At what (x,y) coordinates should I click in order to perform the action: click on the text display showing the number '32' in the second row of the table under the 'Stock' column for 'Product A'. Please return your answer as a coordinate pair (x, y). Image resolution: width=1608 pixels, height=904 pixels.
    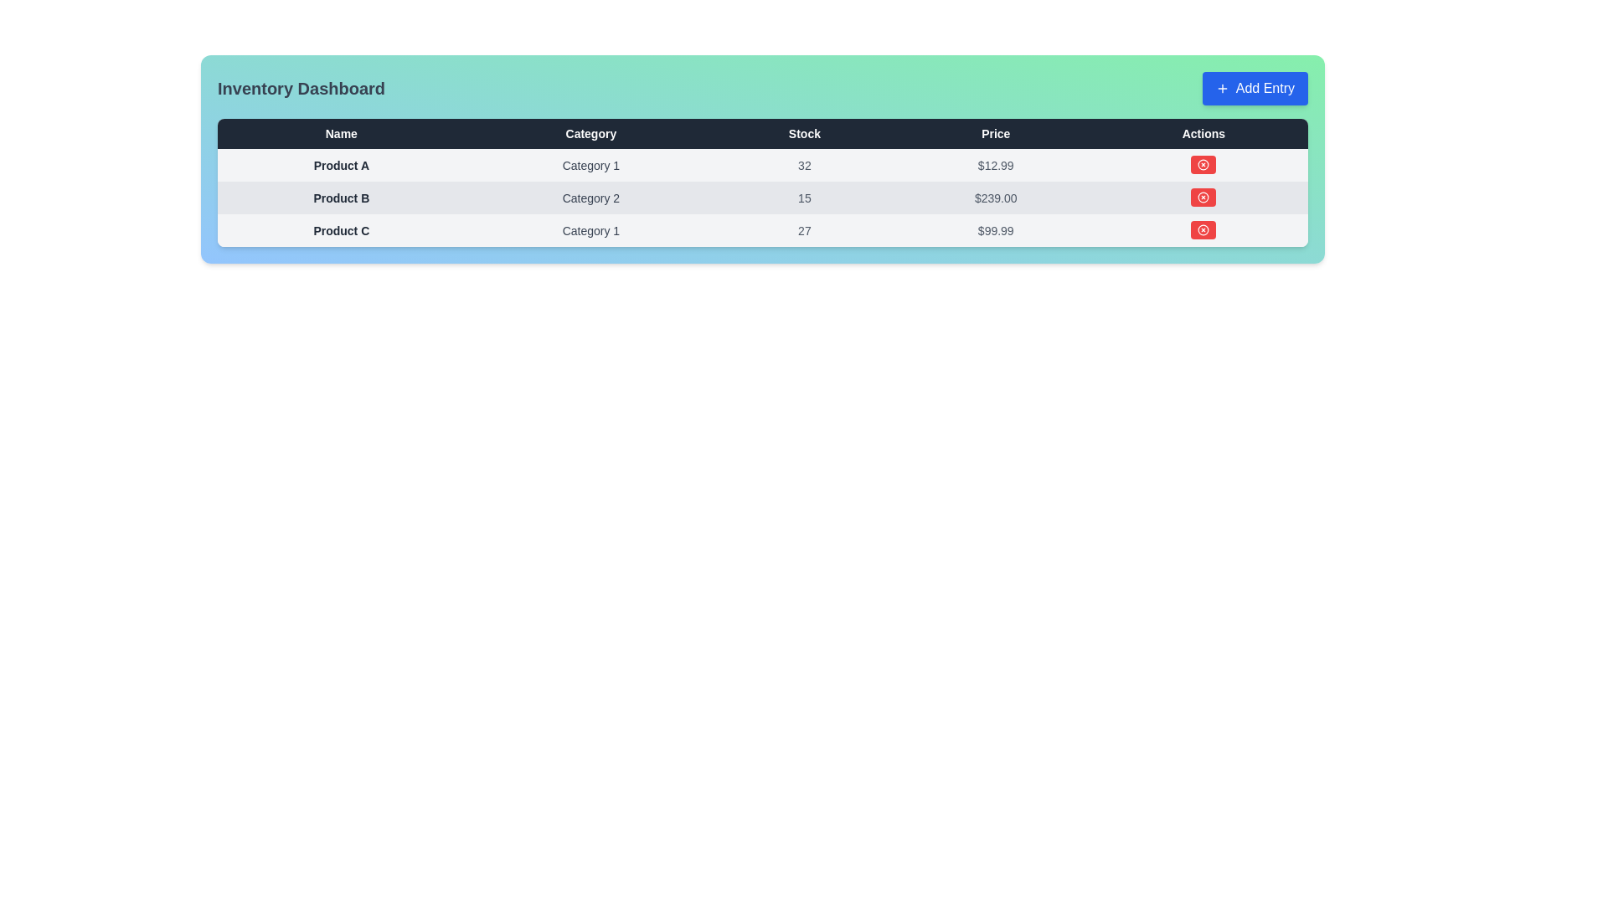
    Looking at the image, I should click on (804, 165).